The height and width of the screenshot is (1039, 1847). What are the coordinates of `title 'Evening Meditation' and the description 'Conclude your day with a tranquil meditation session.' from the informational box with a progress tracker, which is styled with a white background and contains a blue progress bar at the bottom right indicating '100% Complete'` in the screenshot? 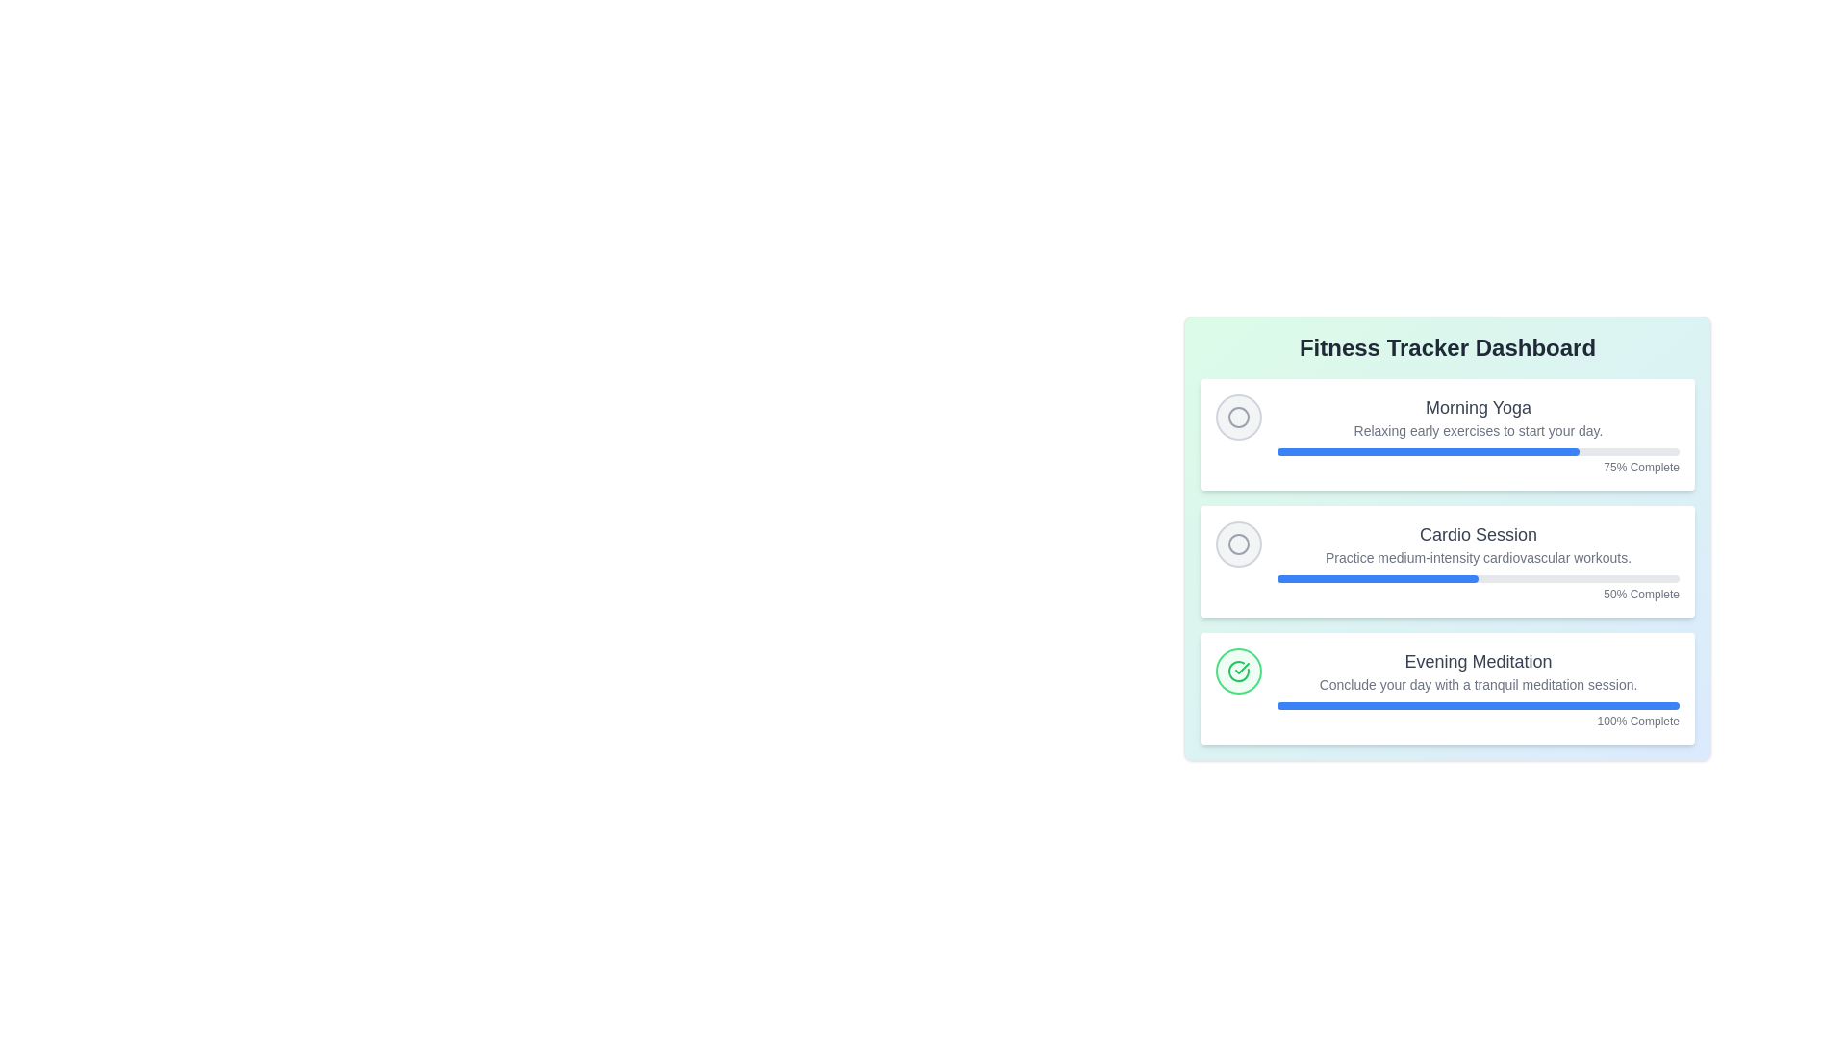 It's located at (1448, 688).